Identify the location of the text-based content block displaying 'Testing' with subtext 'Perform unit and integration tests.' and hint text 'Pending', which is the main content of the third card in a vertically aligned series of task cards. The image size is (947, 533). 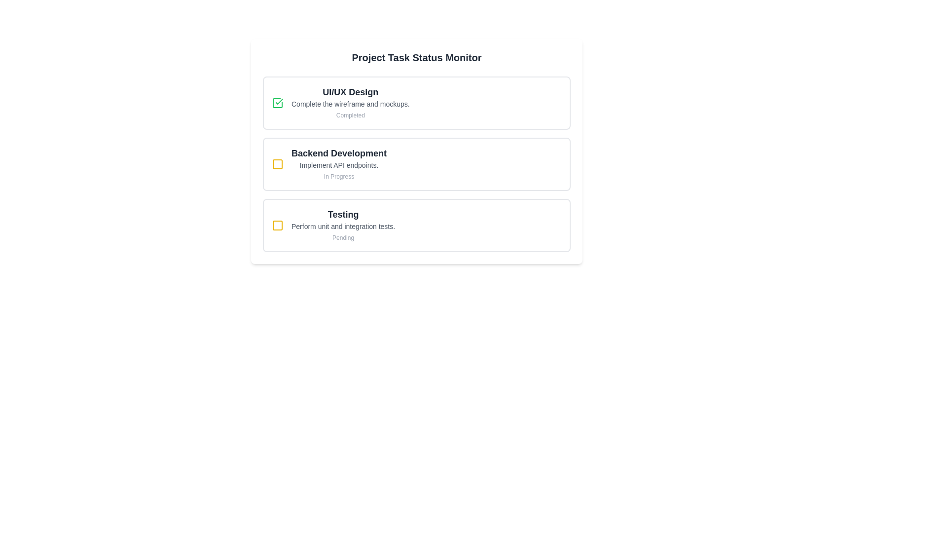
(343, 225).